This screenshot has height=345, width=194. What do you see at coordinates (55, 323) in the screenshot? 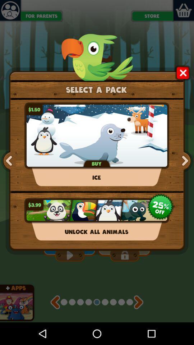
I see `the arrow_backward icon` at bounding box center [55, 323].